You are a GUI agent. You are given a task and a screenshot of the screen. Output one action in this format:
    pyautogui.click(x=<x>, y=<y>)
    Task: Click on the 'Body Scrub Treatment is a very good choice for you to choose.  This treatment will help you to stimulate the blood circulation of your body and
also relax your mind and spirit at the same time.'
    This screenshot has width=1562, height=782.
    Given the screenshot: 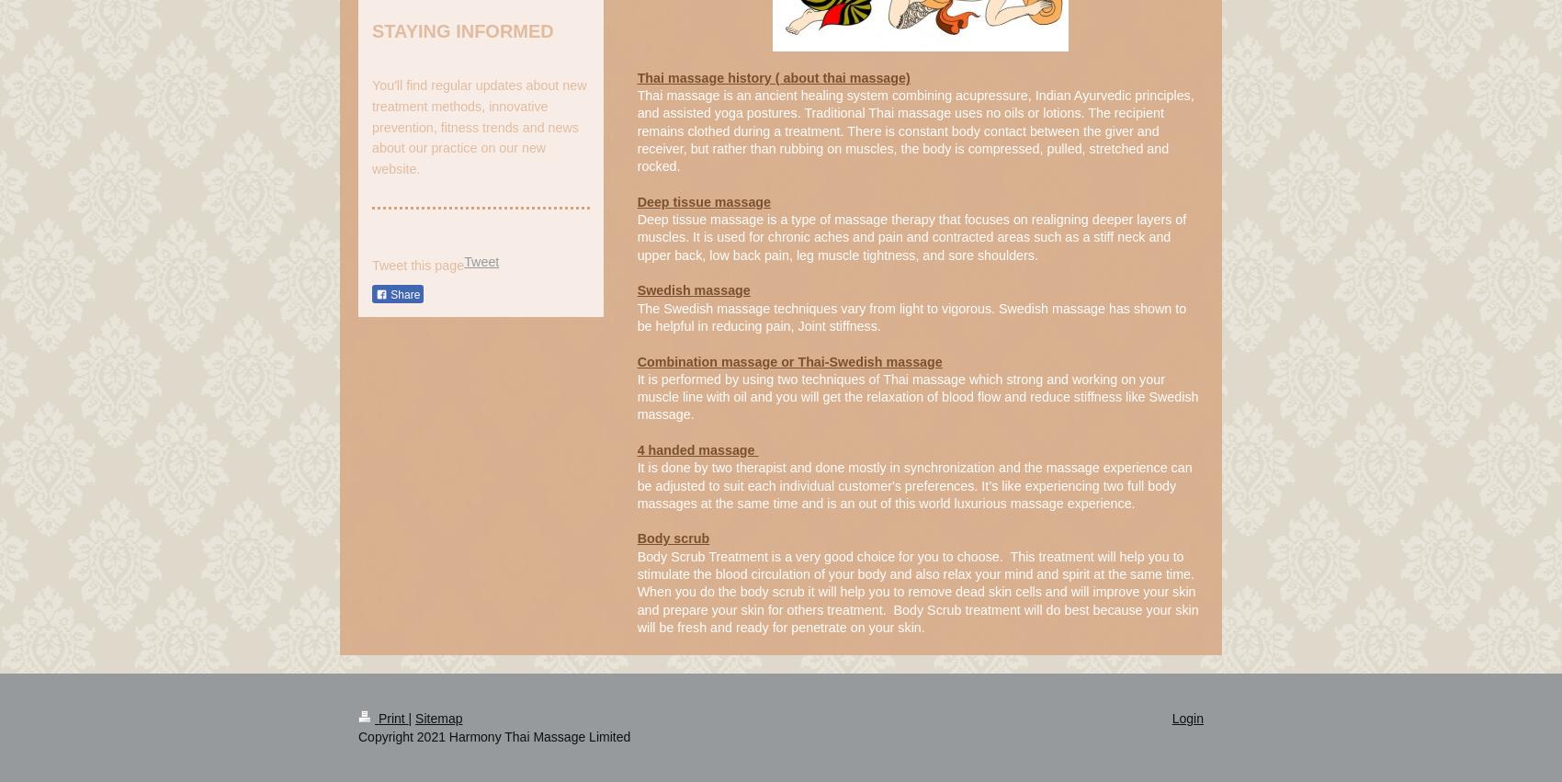 What is the action you would take?
    pyautogui.click(x=916, y=565)
    